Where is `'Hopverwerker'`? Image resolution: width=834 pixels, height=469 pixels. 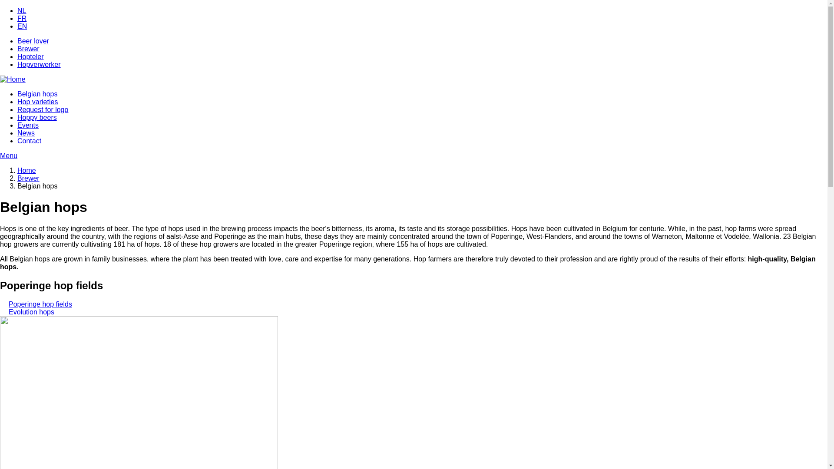
'Hopverwerker' is located at coordinates (39, 64).